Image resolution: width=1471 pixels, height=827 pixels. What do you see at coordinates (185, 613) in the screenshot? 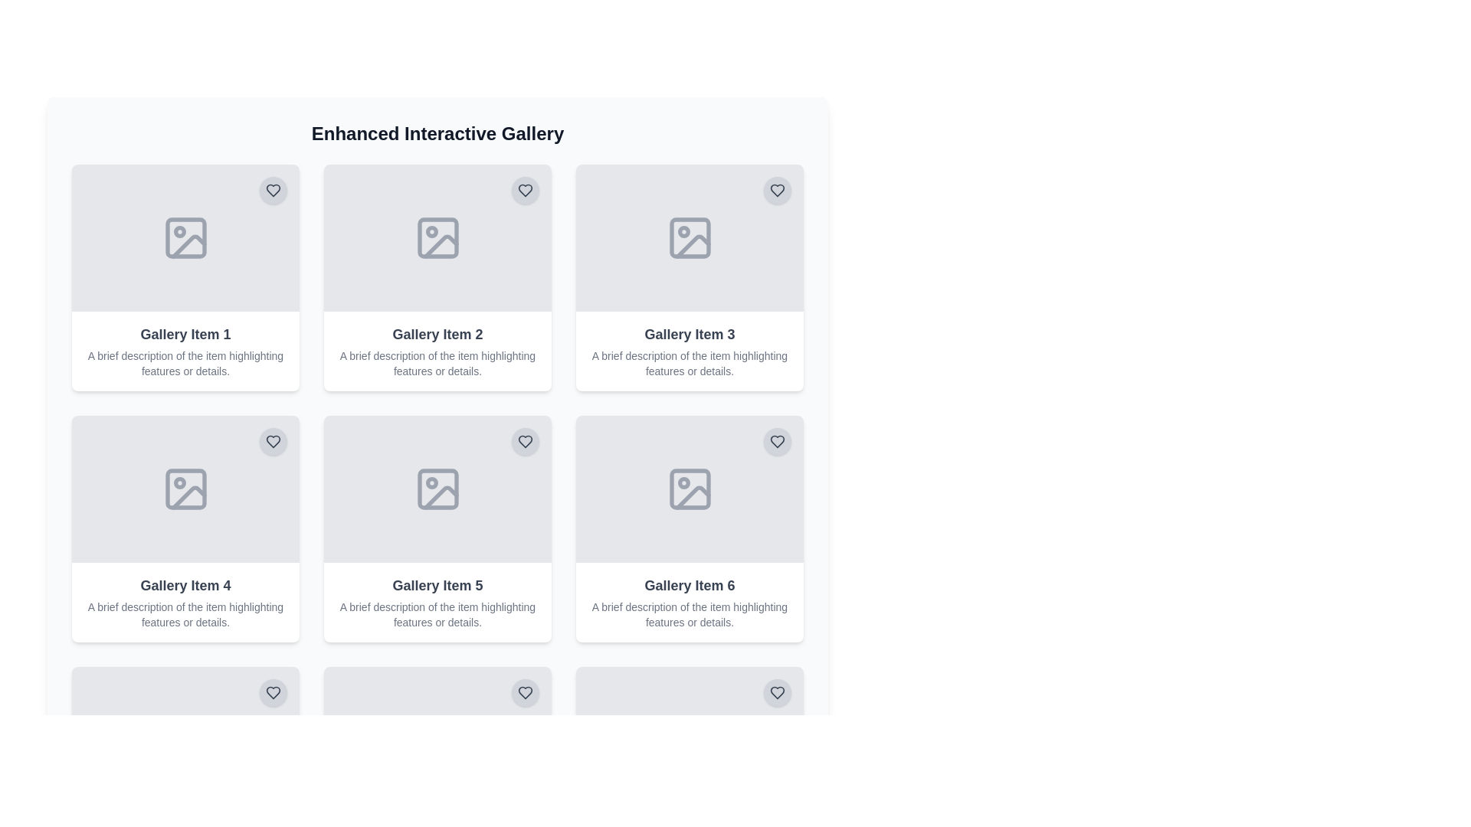
I see `the text element providing additional details or a summary of the associated gallery item, located immediately below the header text 'Gallery Item 4' in the fourth column of a grid layout` at bounding box center [185, 613].